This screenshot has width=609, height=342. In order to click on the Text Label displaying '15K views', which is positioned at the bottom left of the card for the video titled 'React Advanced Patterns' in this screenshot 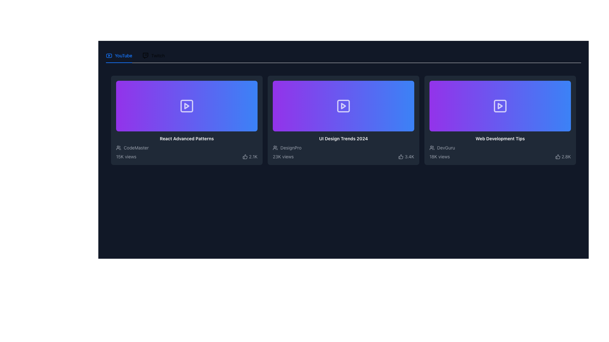, I will do `click(126, 156)`.